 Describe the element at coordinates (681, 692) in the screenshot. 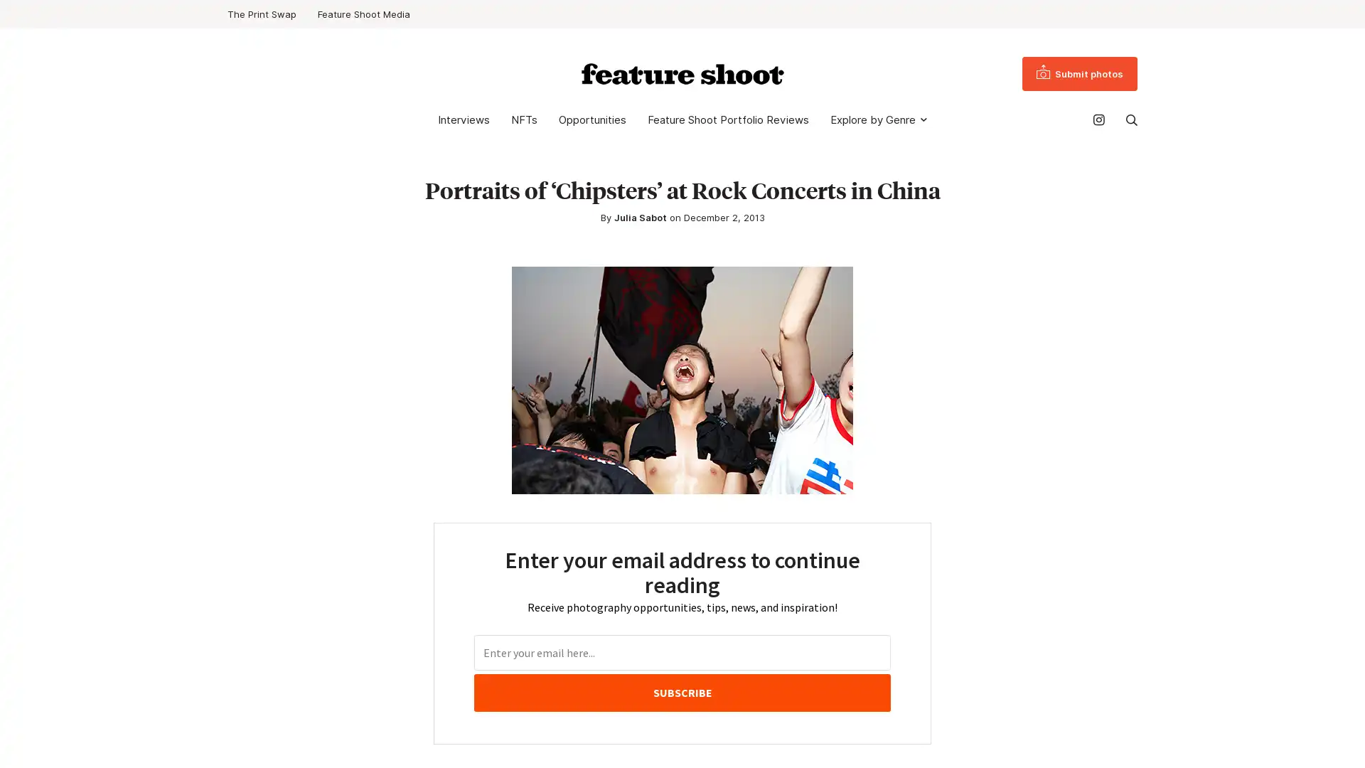

I see `SUBSCRIBE` at that location.